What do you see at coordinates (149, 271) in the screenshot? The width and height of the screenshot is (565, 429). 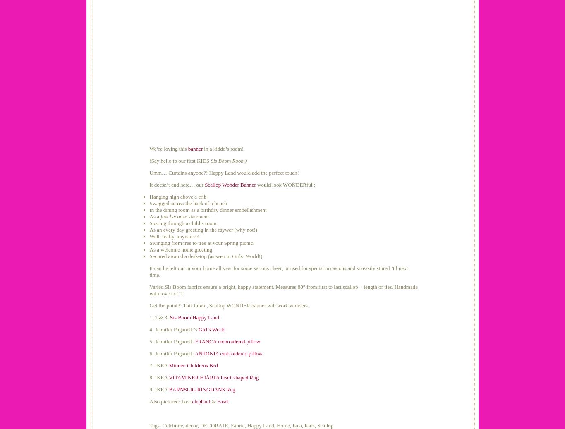 I see `'It can be left out in your home all year for some serious cheer, or used for special occasions and so easily stored ’til next time.'` at bounding box center [149, 271].